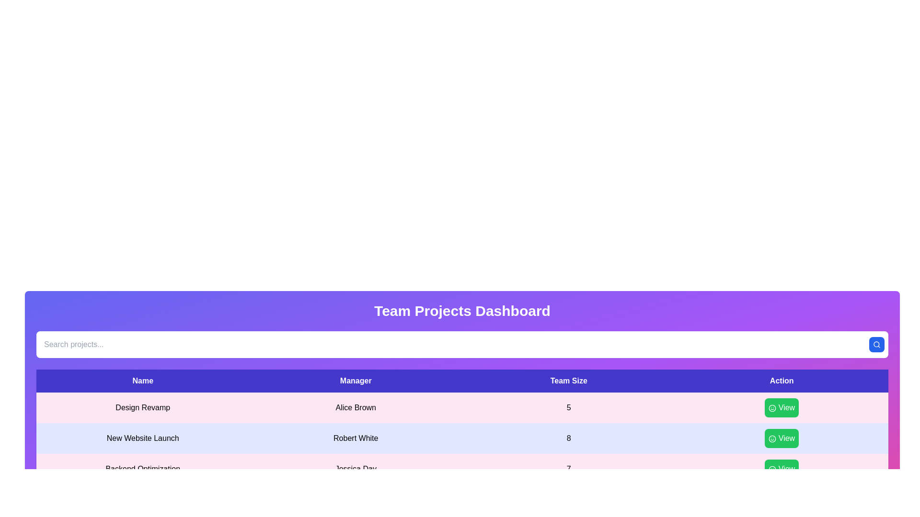 Image resolution: width=920 pixels, height=517 pixels. What do you see at coordinates (782, 438) in the screenshot?
I see `the 'View' button with a green background and white text, located in the second row of the 'Action' column` at bounding box center [782, 438].